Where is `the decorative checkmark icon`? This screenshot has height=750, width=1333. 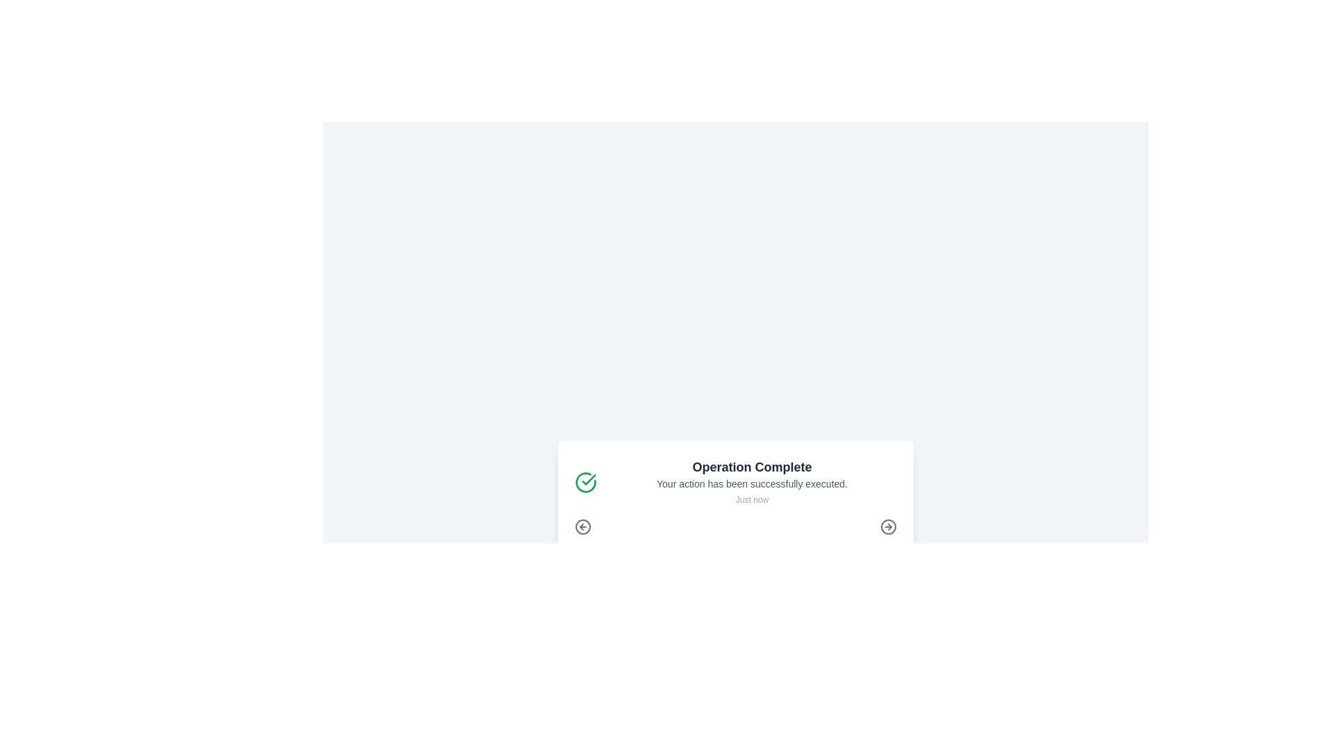
the decorative checkmark icon is located at coordinates (585, 481).